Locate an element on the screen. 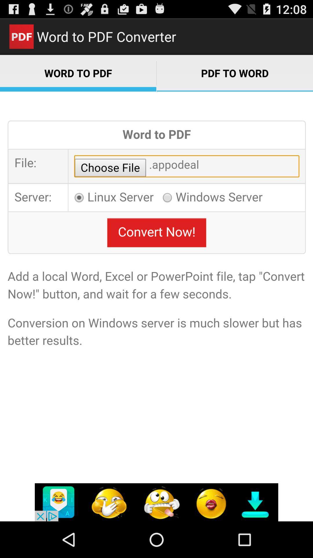 This screenshot has width=313, height=558. more options is located at coordinates (156, 502).